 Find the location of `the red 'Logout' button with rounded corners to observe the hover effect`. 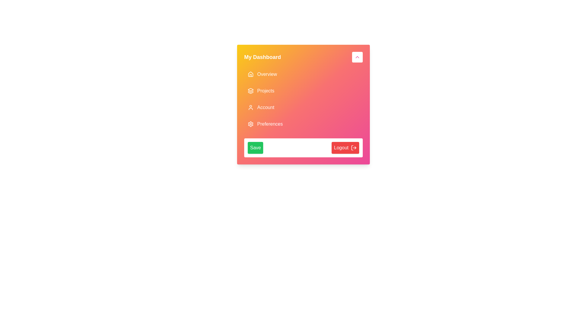

the red 'Logout' button with rounded corners to observe the hover effect is located at coordinates (345, 147).